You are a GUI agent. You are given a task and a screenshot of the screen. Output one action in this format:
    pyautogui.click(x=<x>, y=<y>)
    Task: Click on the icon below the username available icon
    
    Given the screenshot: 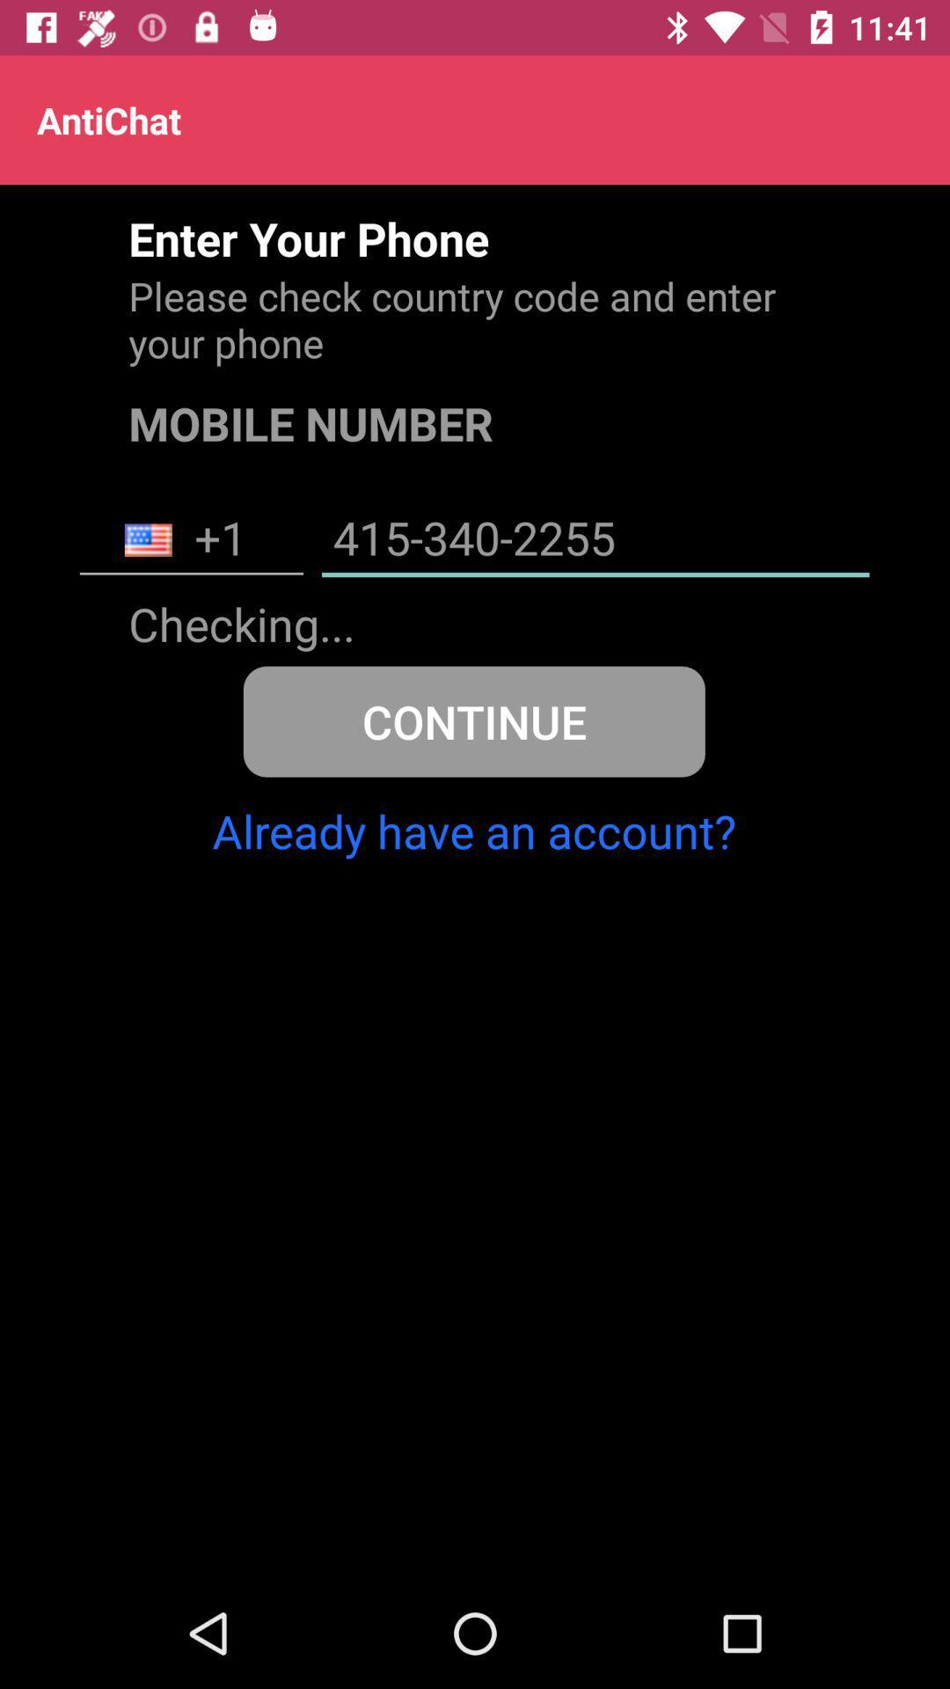 What is the action you would take?
    pyautogui.click(x=473, y=721)
    